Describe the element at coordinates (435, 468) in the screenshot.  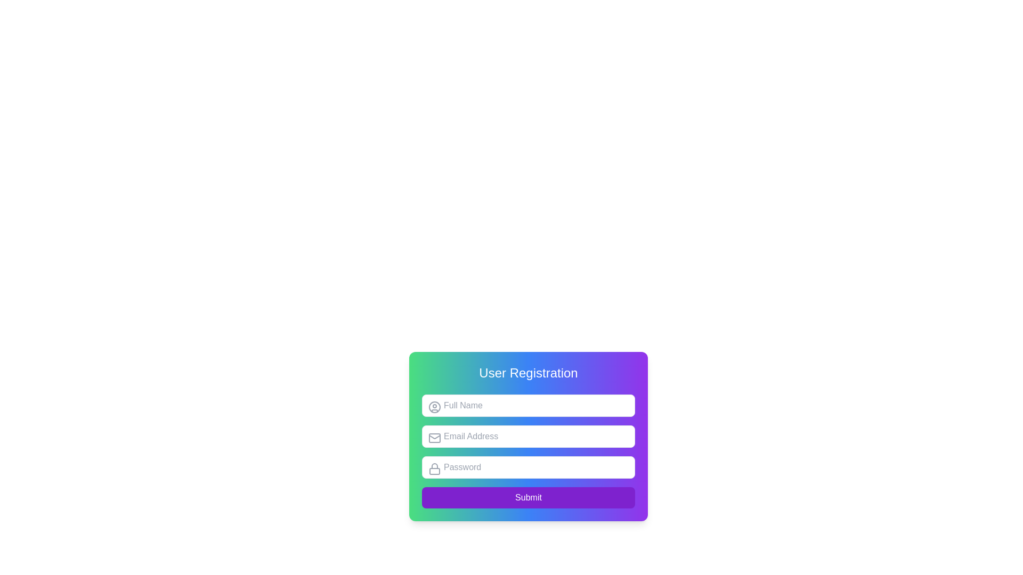
I see `the lock icon that indicates the password input field, located at the top left corner within the password section` at that location.